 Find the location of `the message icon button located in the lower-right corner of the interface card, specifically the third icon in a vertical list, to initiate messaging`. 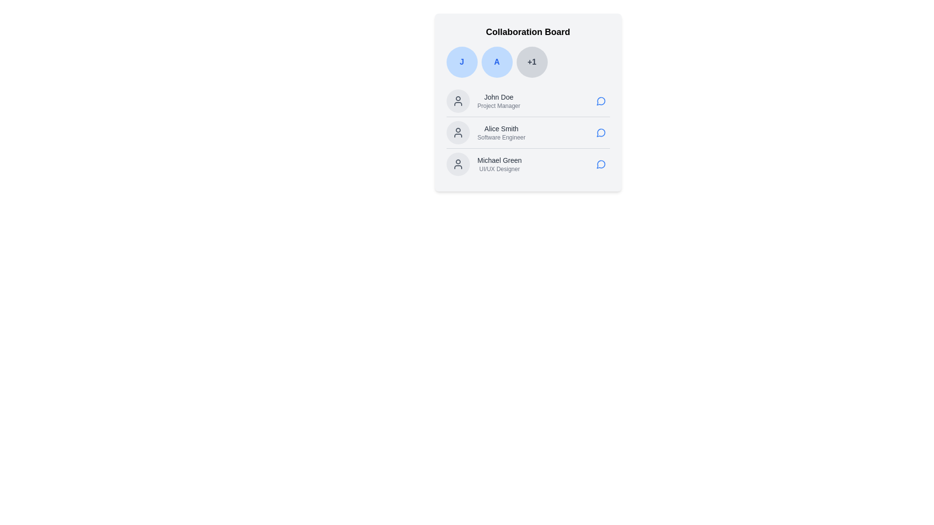

the message icon button located in the lower-right corner of the interface card, specifically the third icon in a vertical list, to initiate messaging is located at coordinates (600, 164).